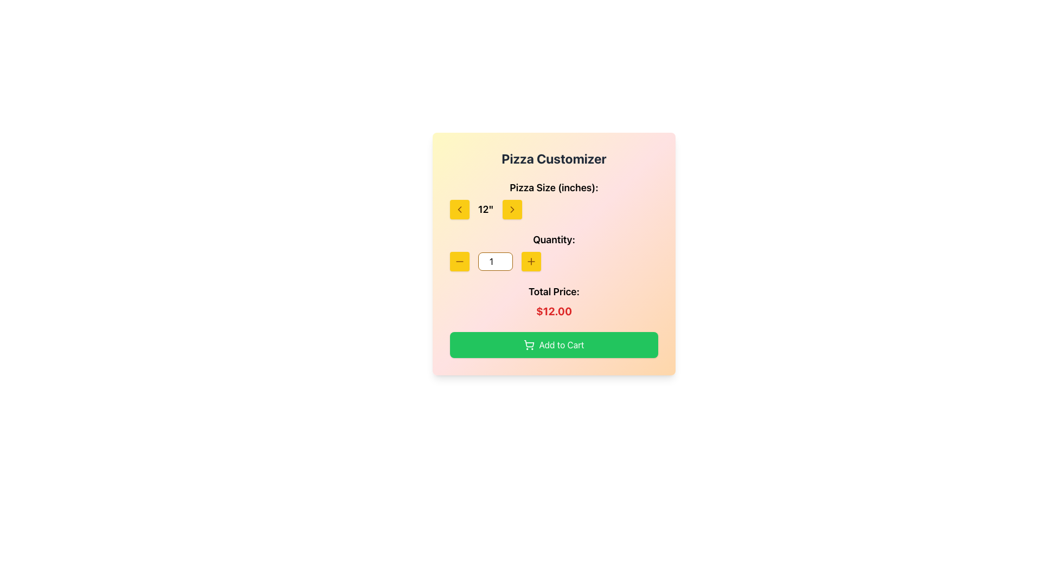 The height and width of the screenshot is (585, 1041). I want to click on the yellow button with a leftward-pointing chevron icon, so click(460, 209).